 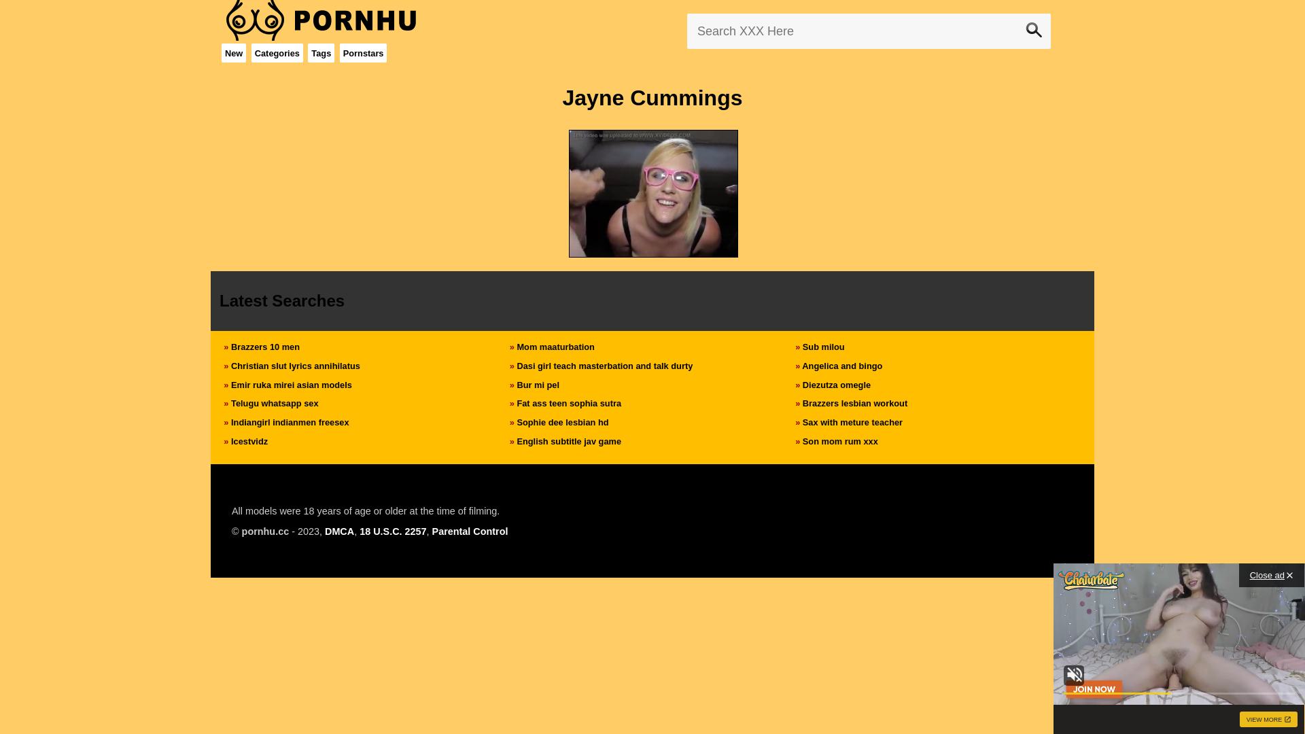 I want to click on 'Mom maaturbation', so click(x=555, y=346).